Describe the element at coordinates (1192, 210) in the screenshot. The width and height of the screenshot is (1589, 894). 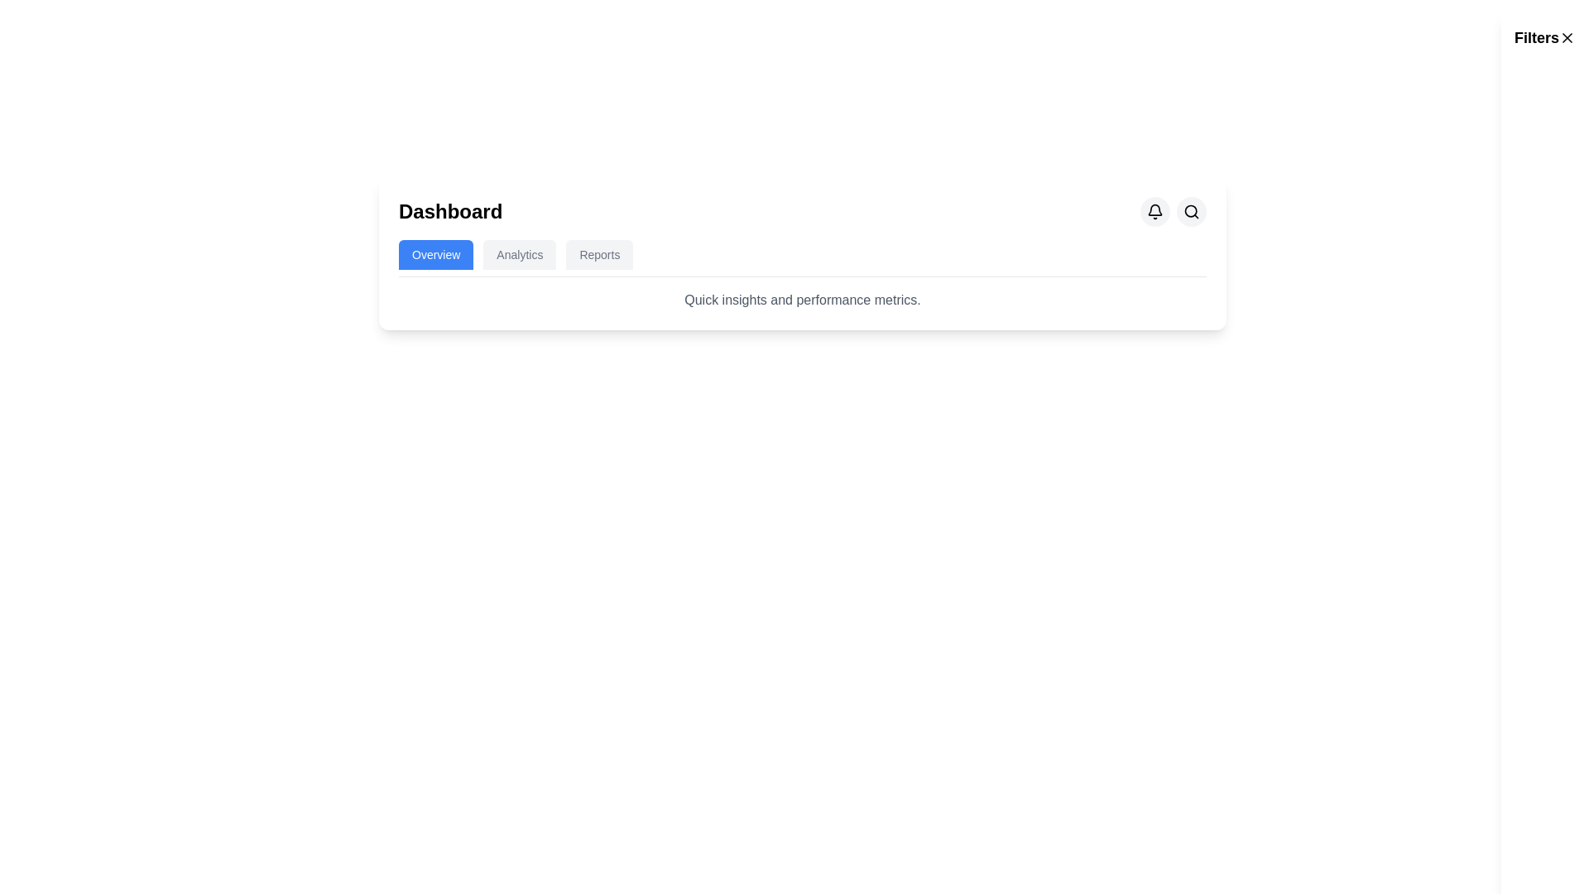
I see `the circular search button with a light gray background and a magnifying glass icon located in the top-right section of the interface to change its background color` at that location.